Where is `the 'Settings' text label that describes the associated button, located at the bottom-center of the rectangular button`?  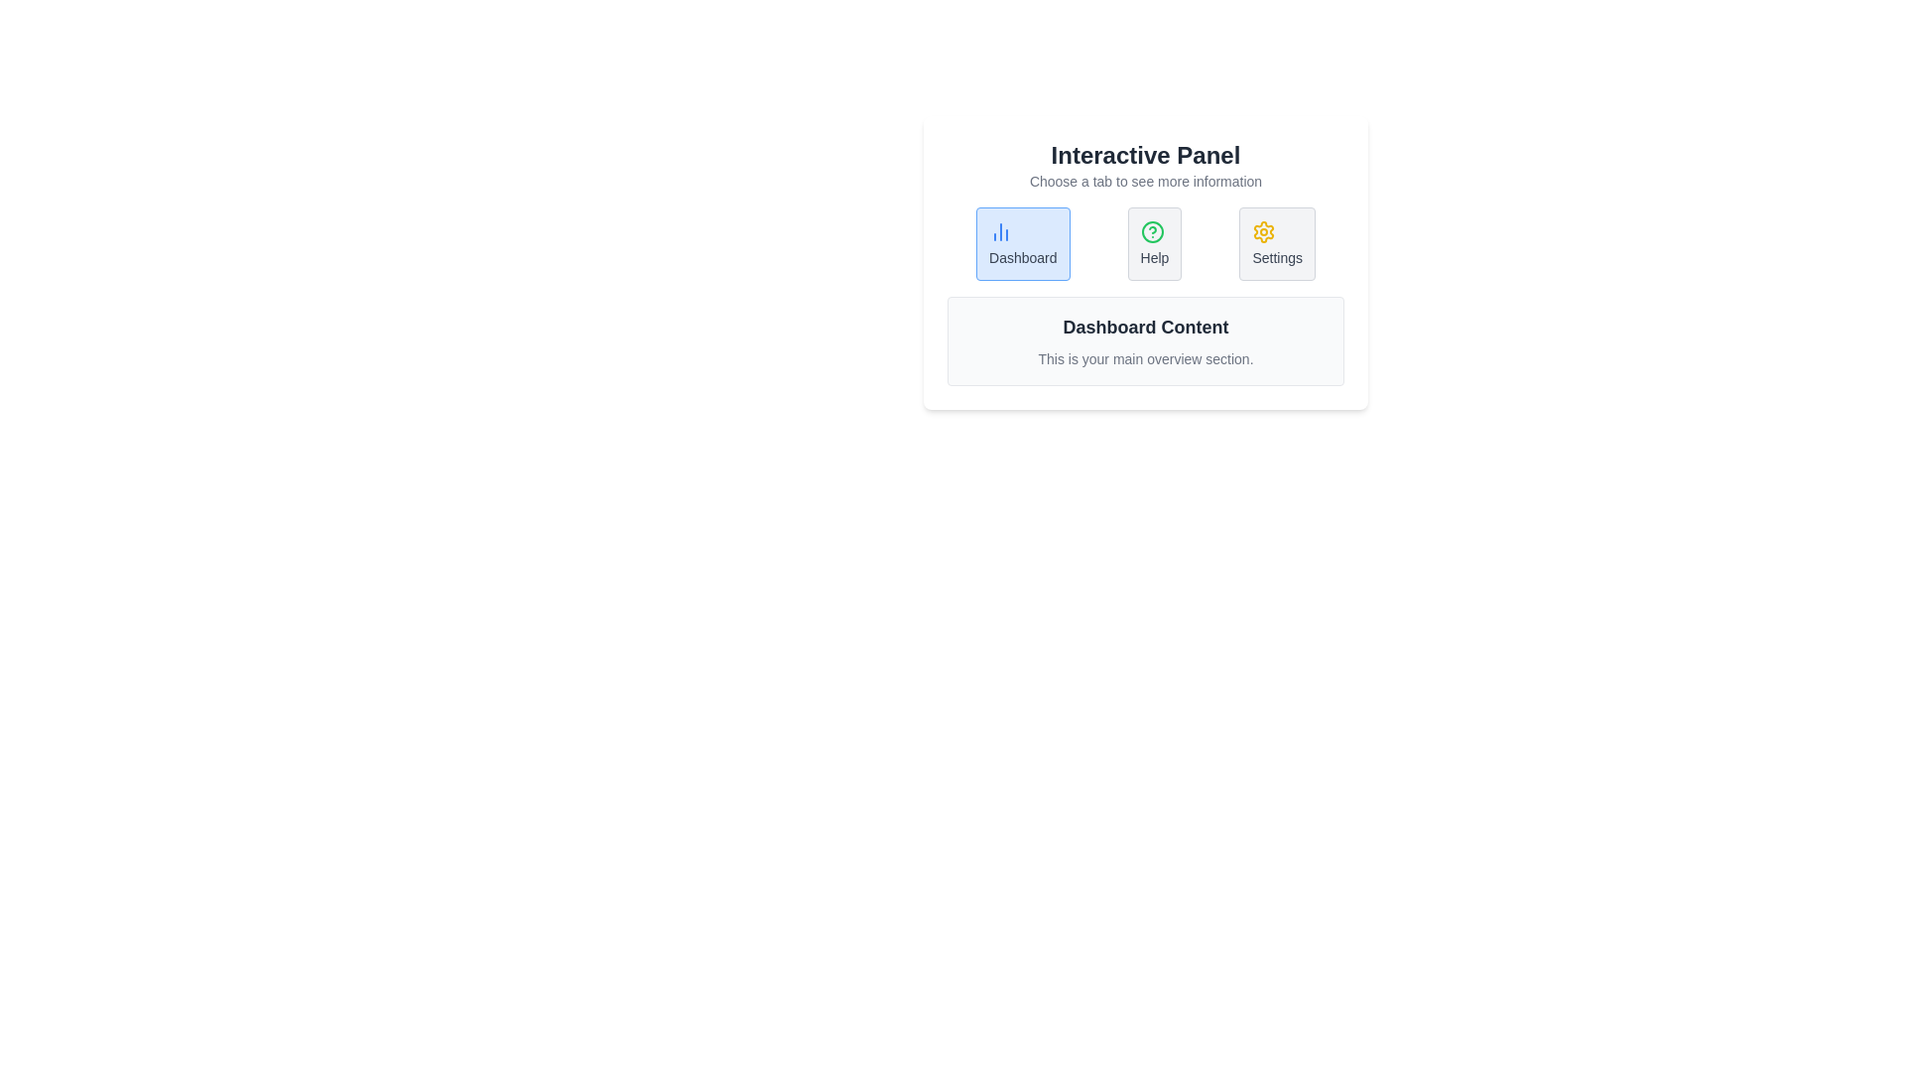
the 'Settings' text label that describes the associated button, located at the bottom-center of the rectangular button is located at coordinates (1277, 256).